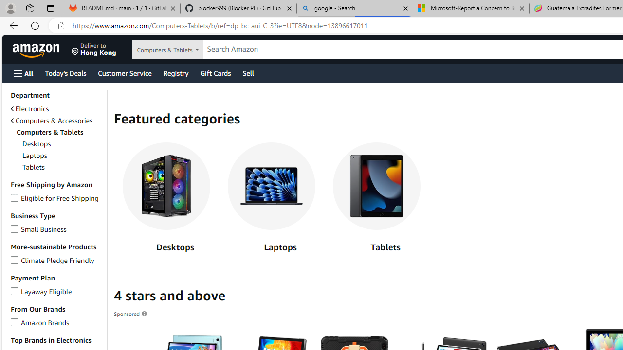 The height and width of the screenshot is (350, 623). What do you see at coordinates (56, 229) in the screenshot?
I see `'Small BusinessSmall Business'` at bounding box center [56, 229].